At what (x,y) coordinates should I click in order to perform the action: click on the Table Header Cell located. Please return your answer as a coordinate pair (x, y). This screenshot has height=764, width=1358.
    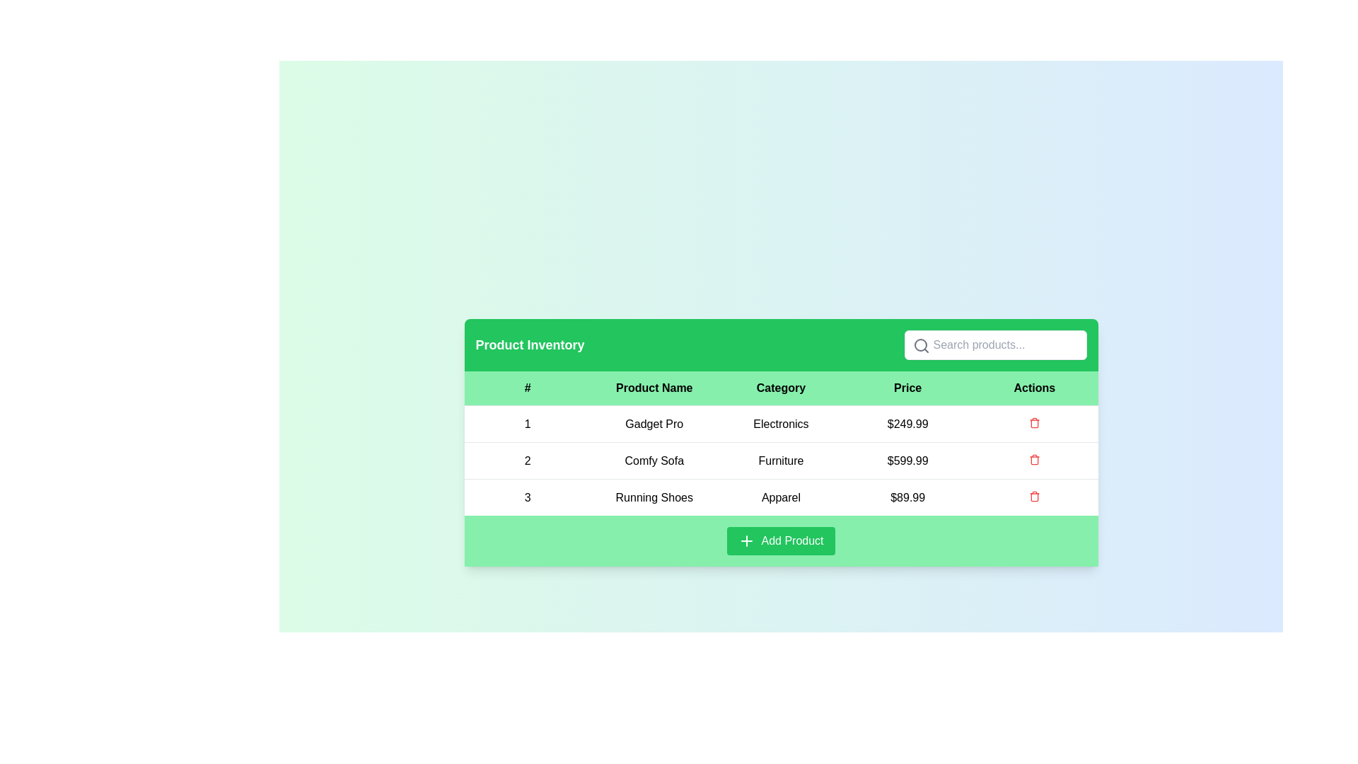
    Looking at the image, I should click on (1034, 388).